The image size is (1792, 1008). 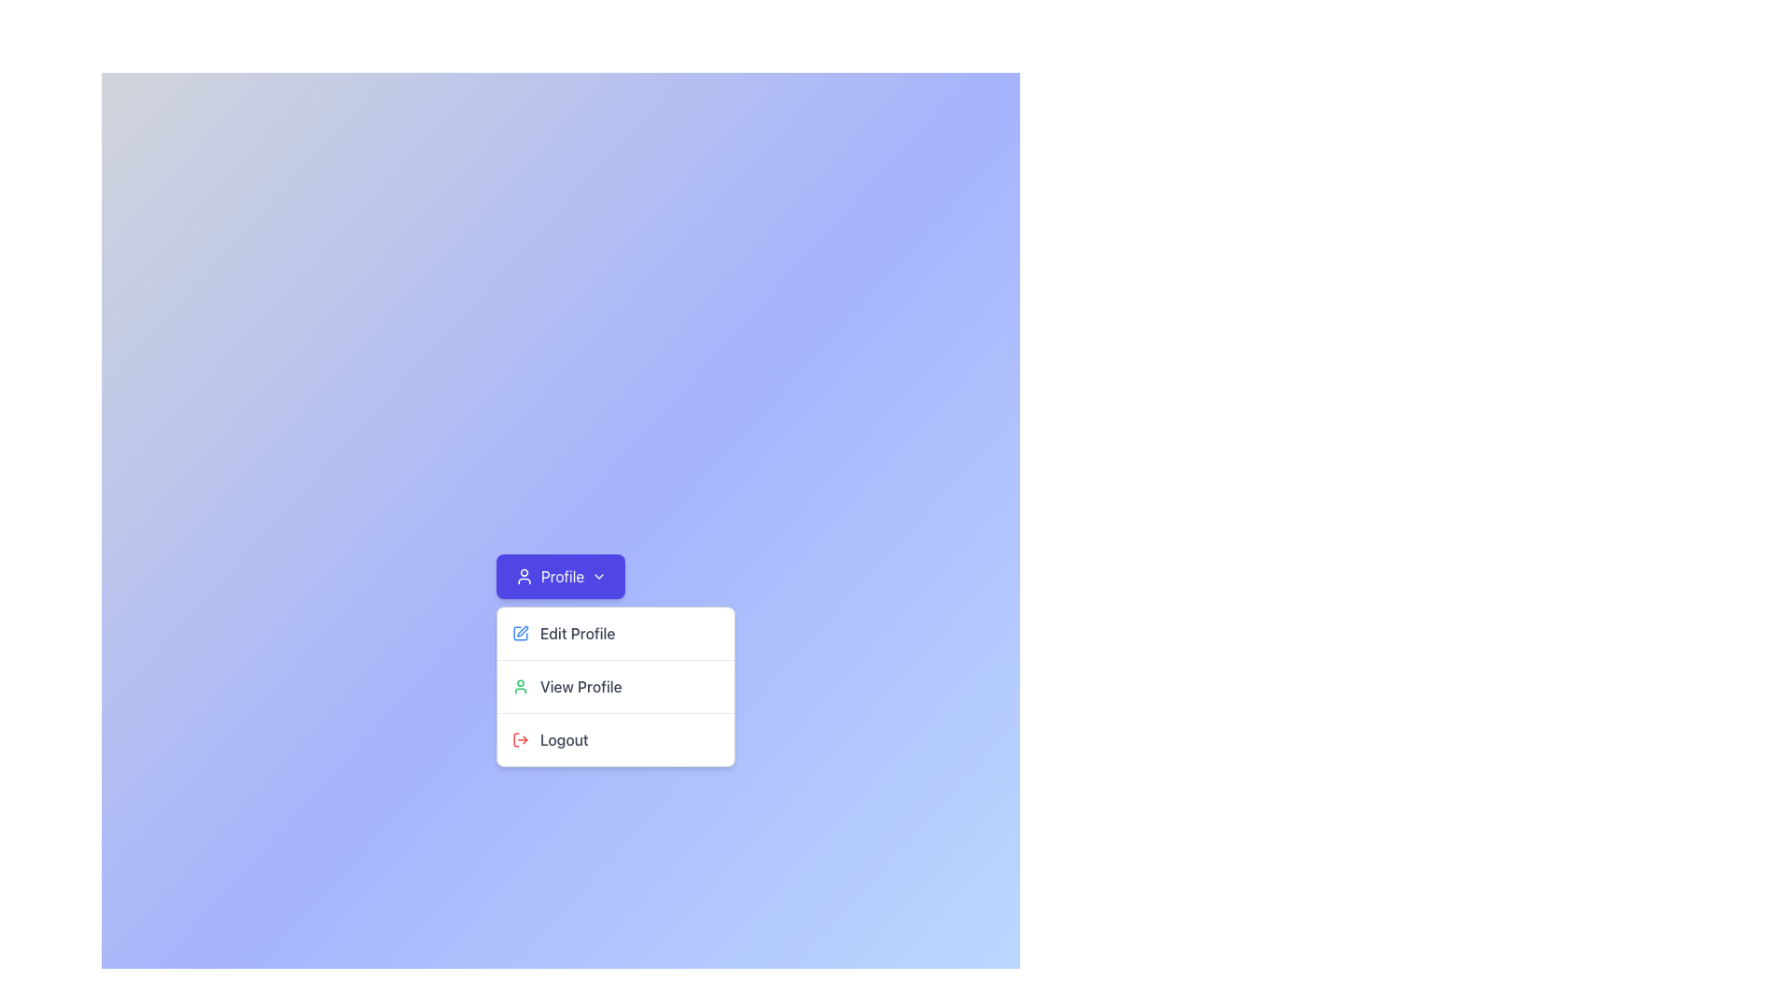 What do you see at coordinates (520, 632) in the screenshot?
I see `the edit profile icon that has a square outline and a pen design, located below the 'Profile' button` at bounding box center [520, 632].